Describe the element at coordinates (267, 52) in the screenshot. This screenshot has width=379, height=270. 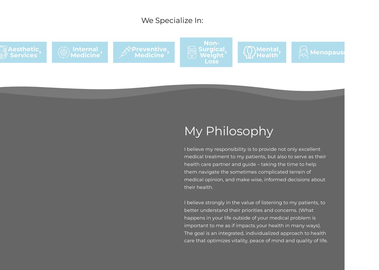
I see `'Mental Health'` at that location.